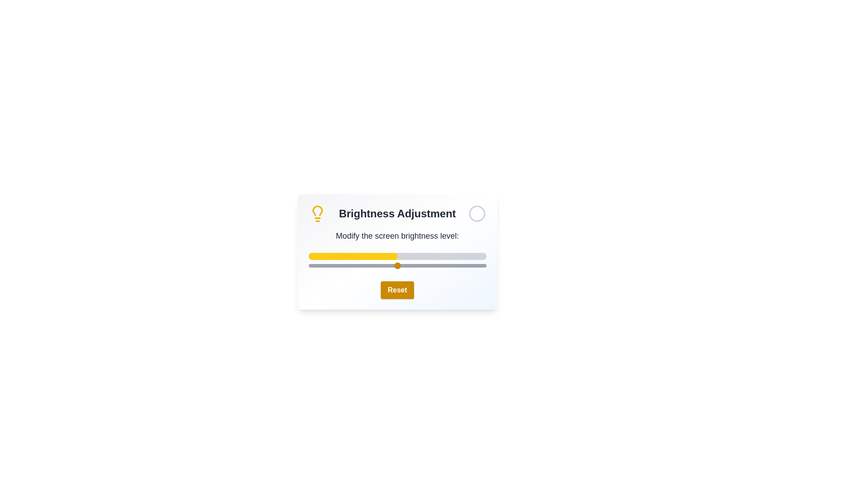  I want to click on the brightness slider to 55%, so click(406, 265).